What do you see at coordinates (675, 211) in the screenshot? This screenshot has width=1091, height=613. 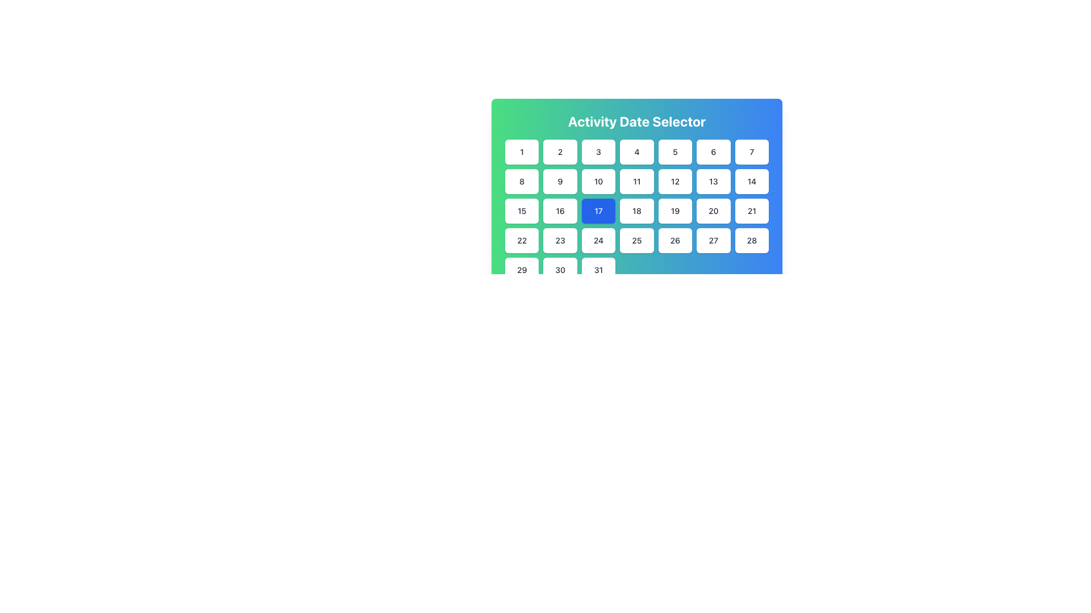 I see `the rectangular button styled as a calendar date number with the text '19', which is located in the fourth row and fifth column of the date picker grid` at bounding box center [675, 211].